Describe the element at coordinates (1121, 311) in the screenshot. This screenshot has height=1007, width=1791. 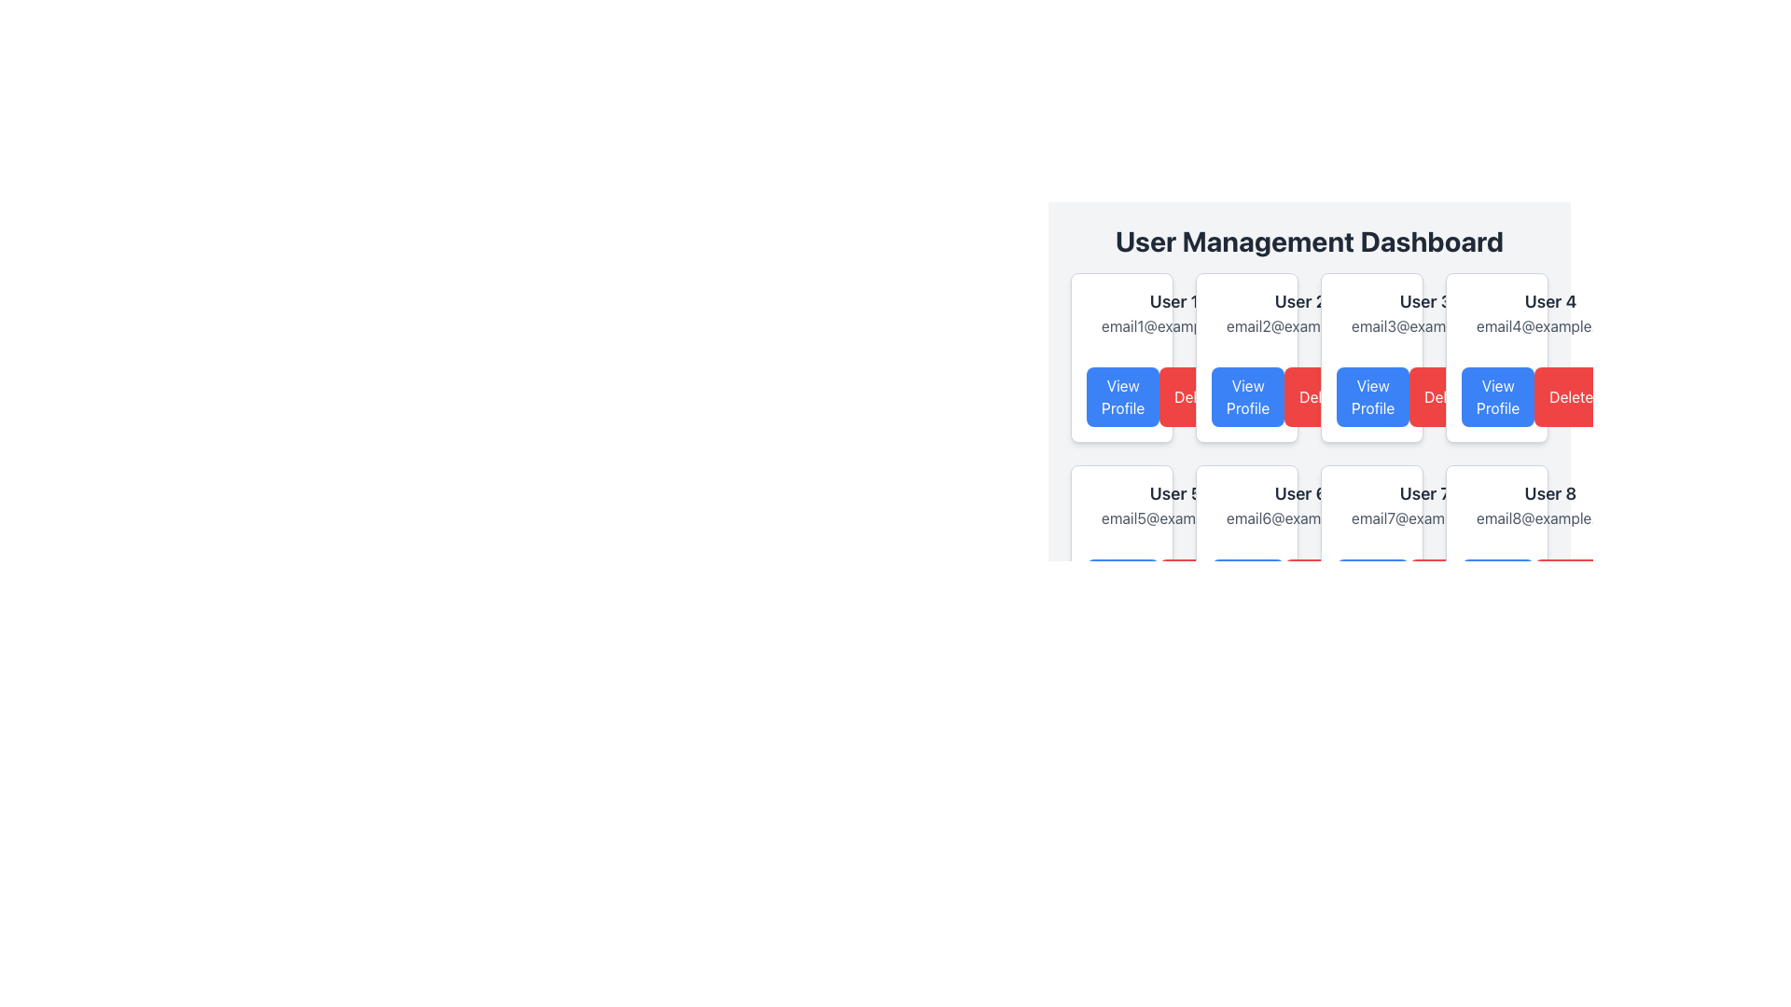
I see `the Text Block displaying the user's name and email address in the user profile card of the user management dashboard, located at the top left section of the grid` at that location.